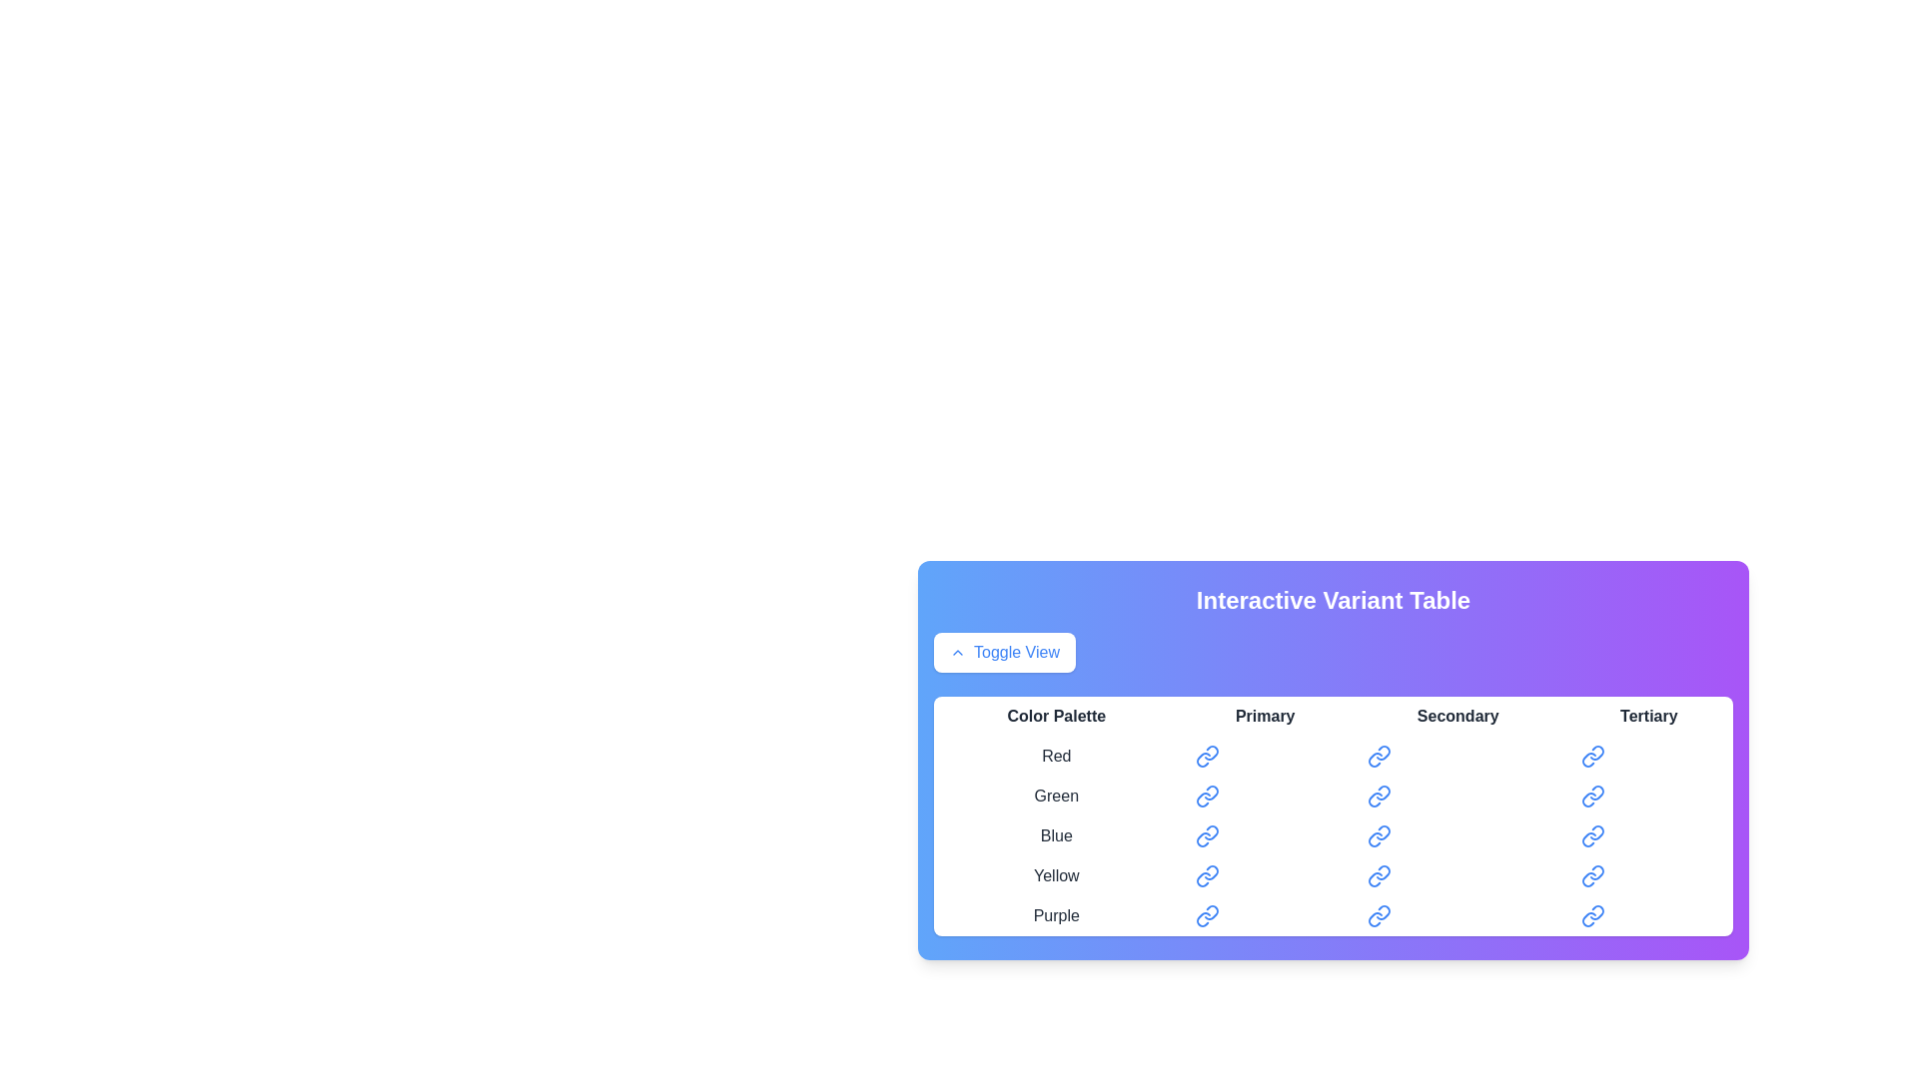  What do you see at coordinates (1382, 753) in the screenshot?
I see `the clickable link icon representing the 'Red' label under the 'Secondary' category in the interactive variant table` at bounding box center [1382, 753].